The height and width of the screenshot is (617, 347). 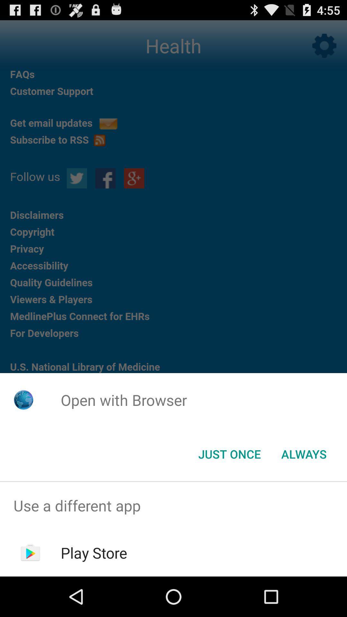 I want to click on the just once icon, so click(x=229, y=453).